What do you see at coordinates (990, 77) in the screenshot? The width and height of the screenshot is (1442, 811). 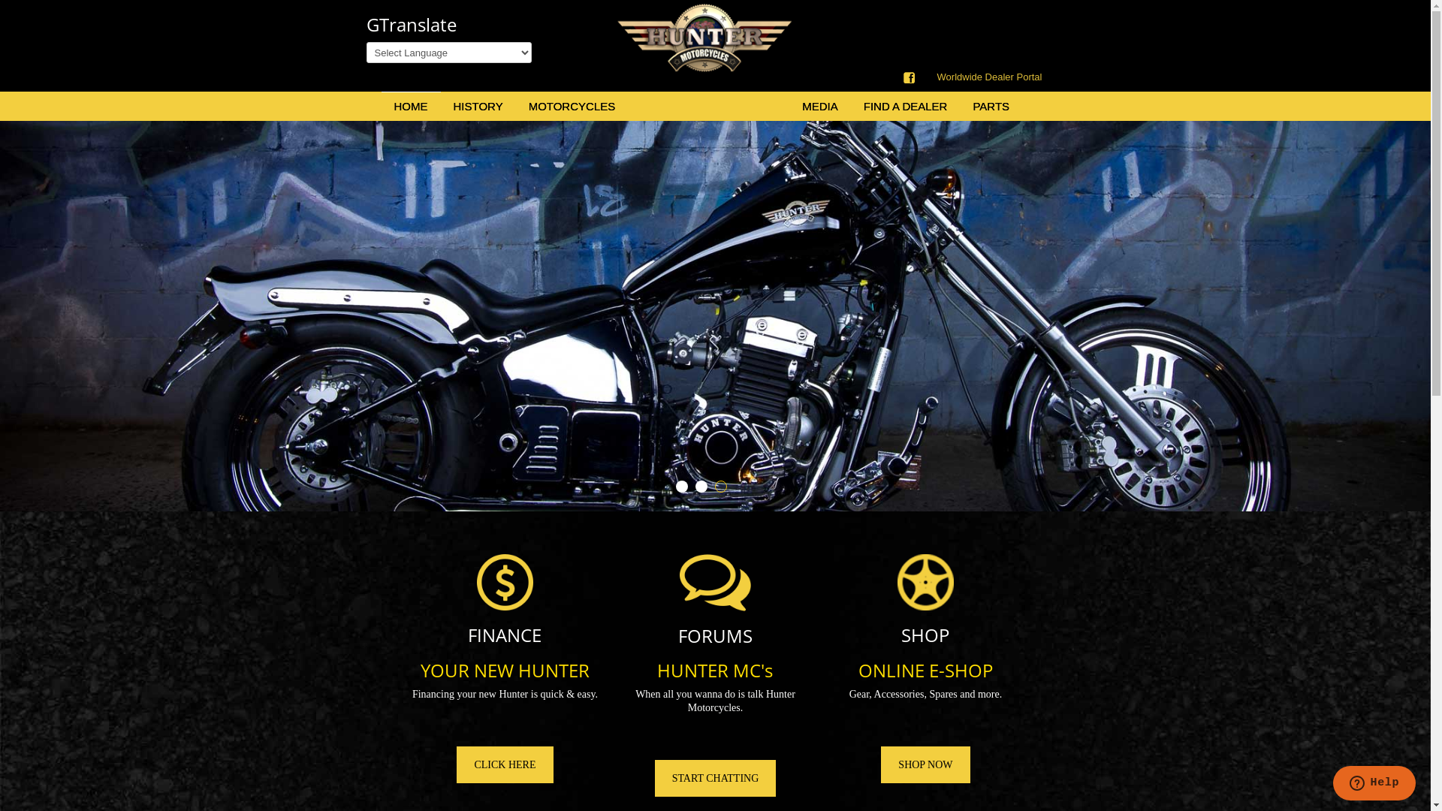 I see `'Worldwide Dealer Portal'` at bounding box center [990, 77].